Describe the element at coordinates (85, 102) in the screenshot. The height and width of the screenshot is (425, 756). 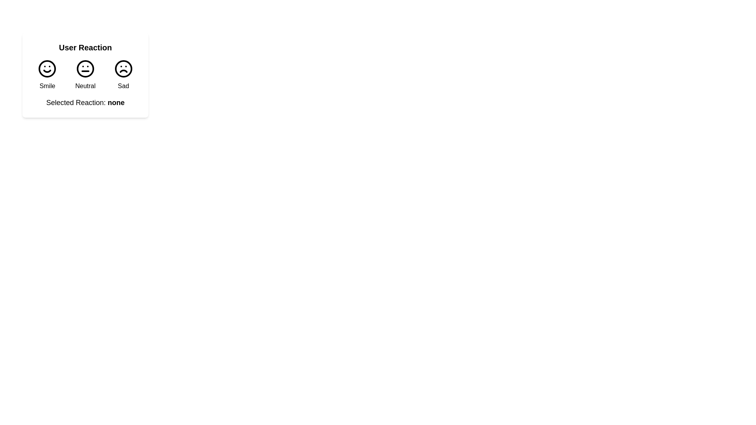
I see `the static text label that displays the currently selected reaction, located below the reaction icons 'Smile', 'Neutral', and 'Sad'` at that location.